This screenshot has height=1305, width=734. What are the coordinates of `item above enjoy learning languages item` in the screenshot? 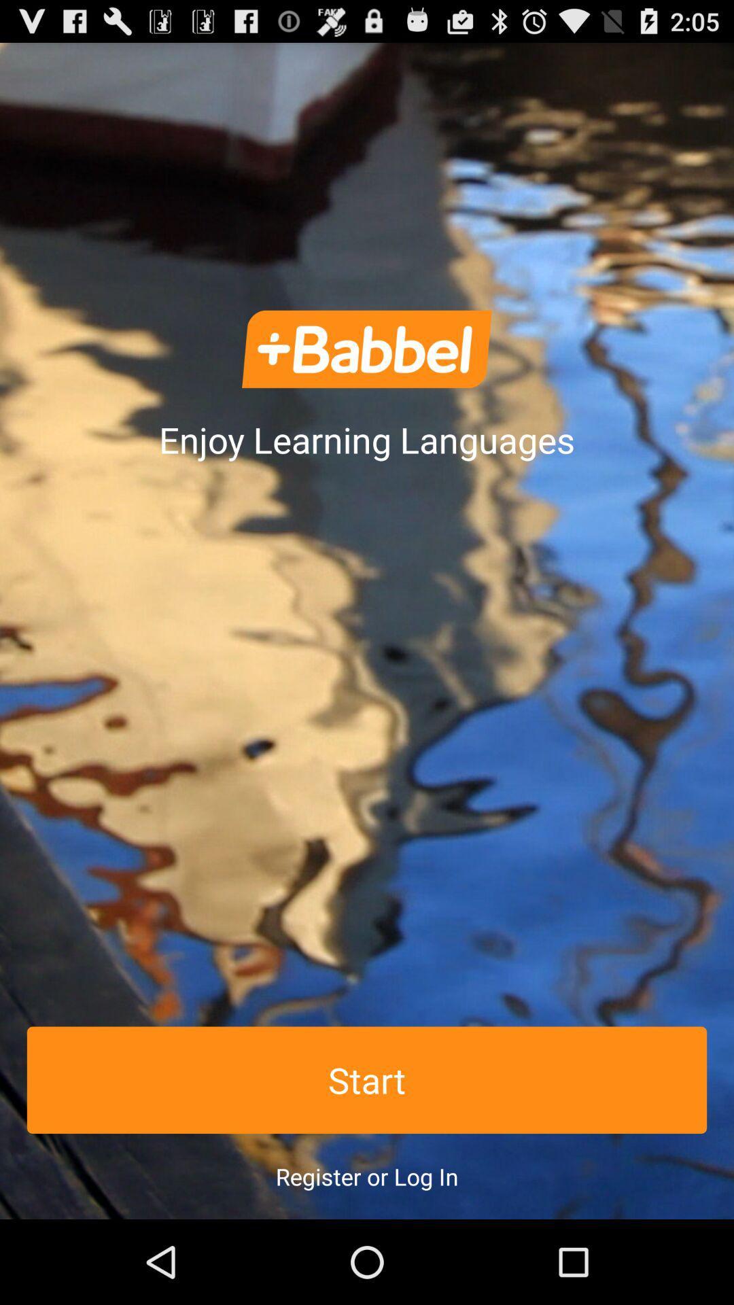 It's located at (367, 349).